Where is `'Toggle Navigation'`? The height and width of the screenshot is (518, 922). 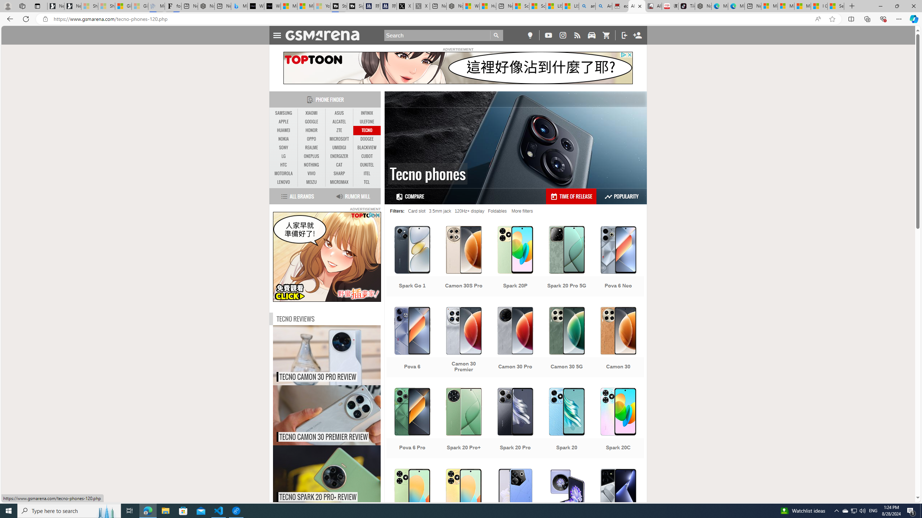
'Toggle Navigation' is located at coordinates (277, 34).